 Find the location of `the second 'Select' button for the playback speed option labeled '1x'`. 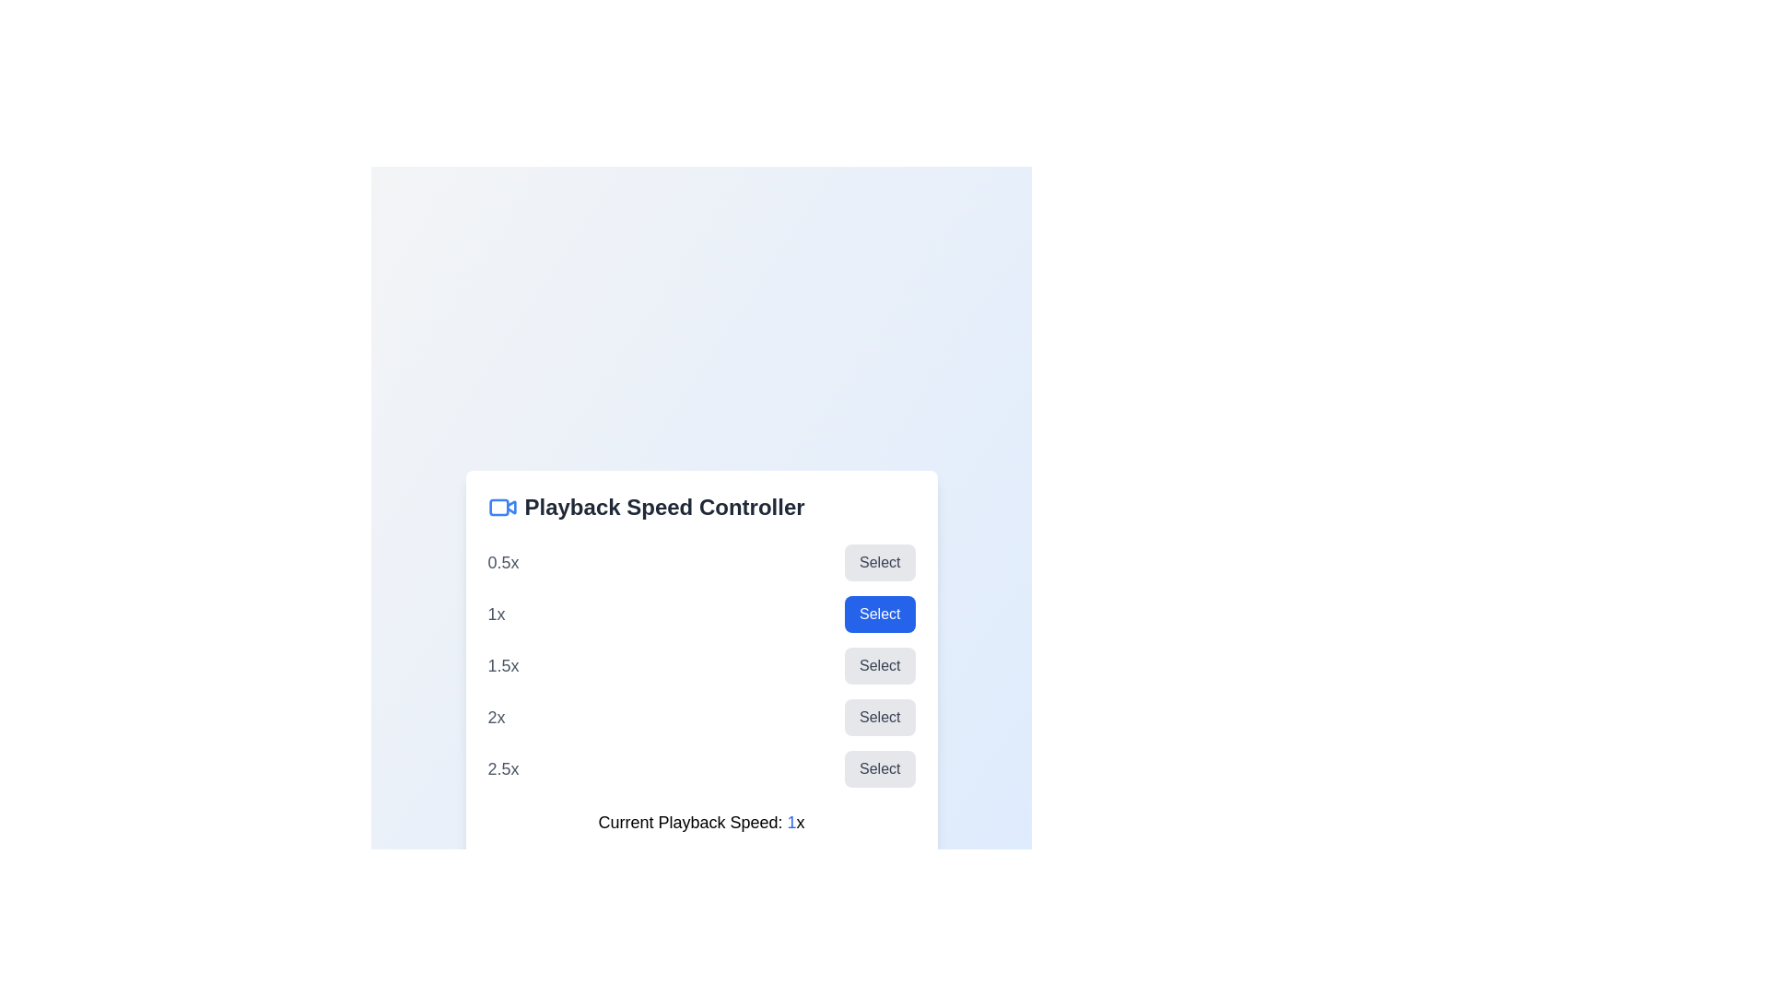

the second 'Select' button for the playback speed option labeled '1x' is located at coordinates (879, 615).